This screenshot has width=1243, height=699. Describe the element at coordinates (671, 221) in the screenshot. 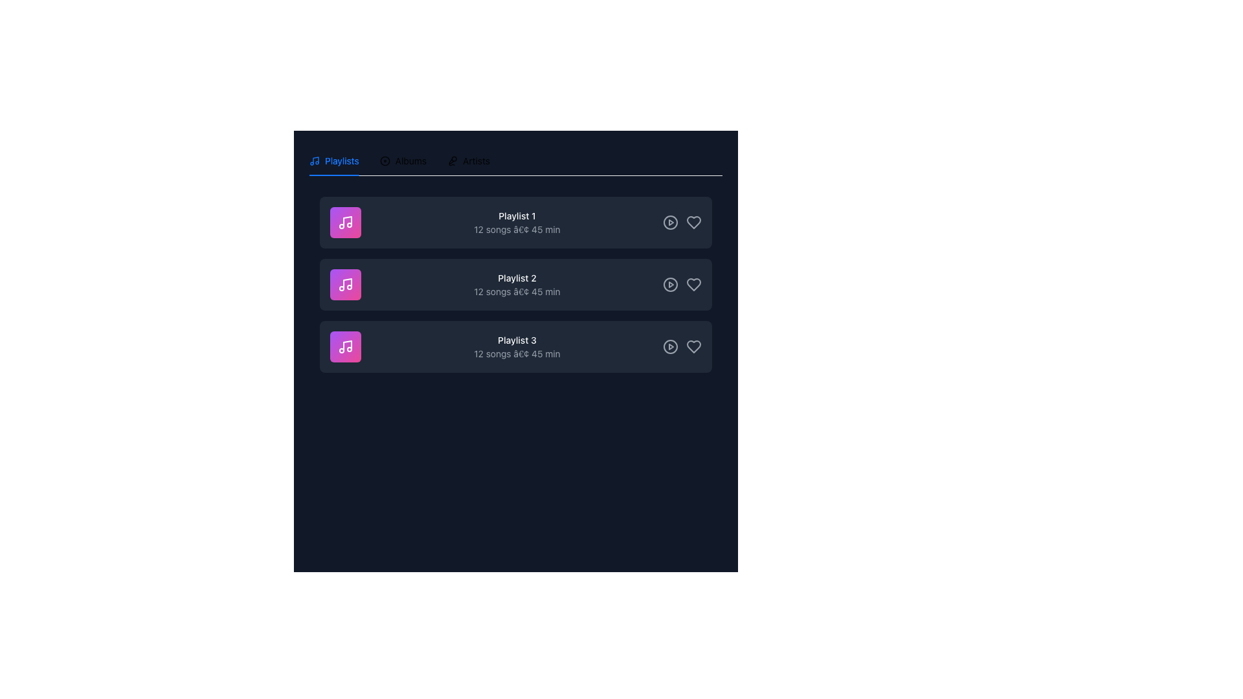

I see `the circular play button with a thin outline, located within a dark interface, to play the playlist` at that location.